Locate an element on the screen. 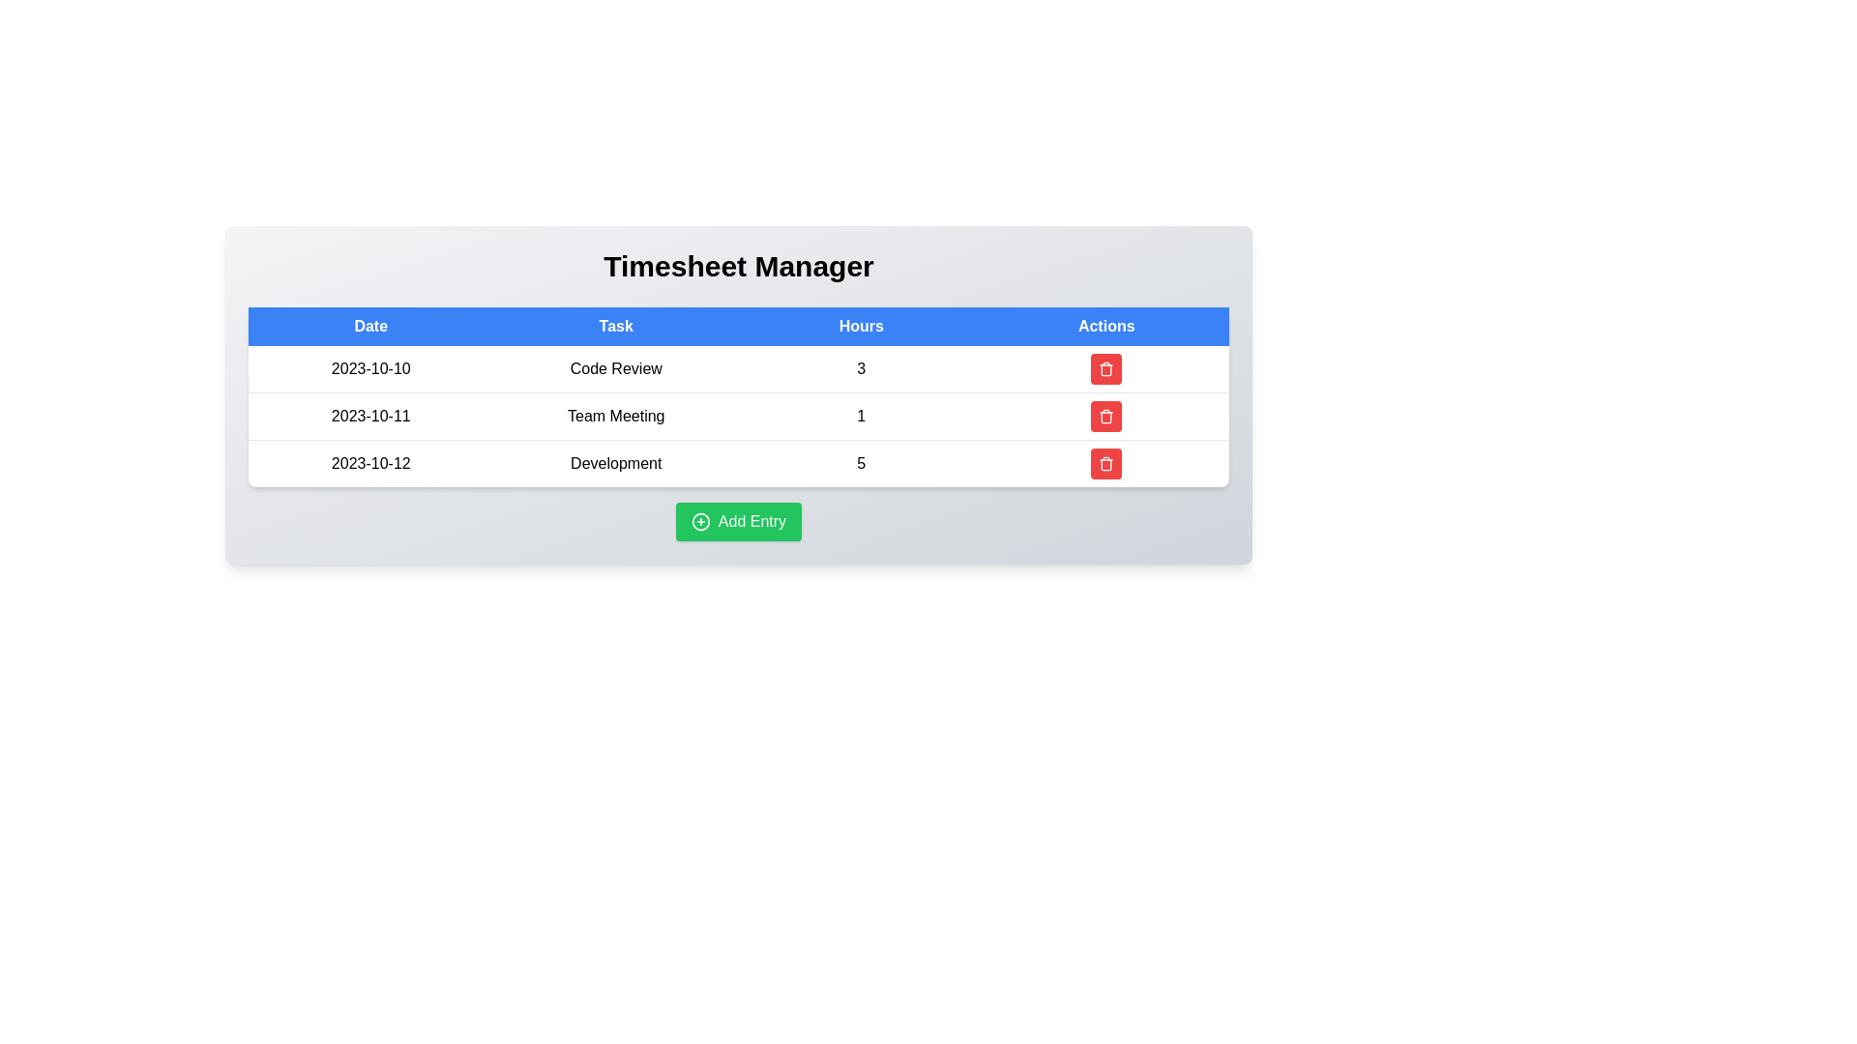  the 'Add New Entry' button located at the bottom center of the 'Timesheet Manager' card is located at coordinates (737, 522).